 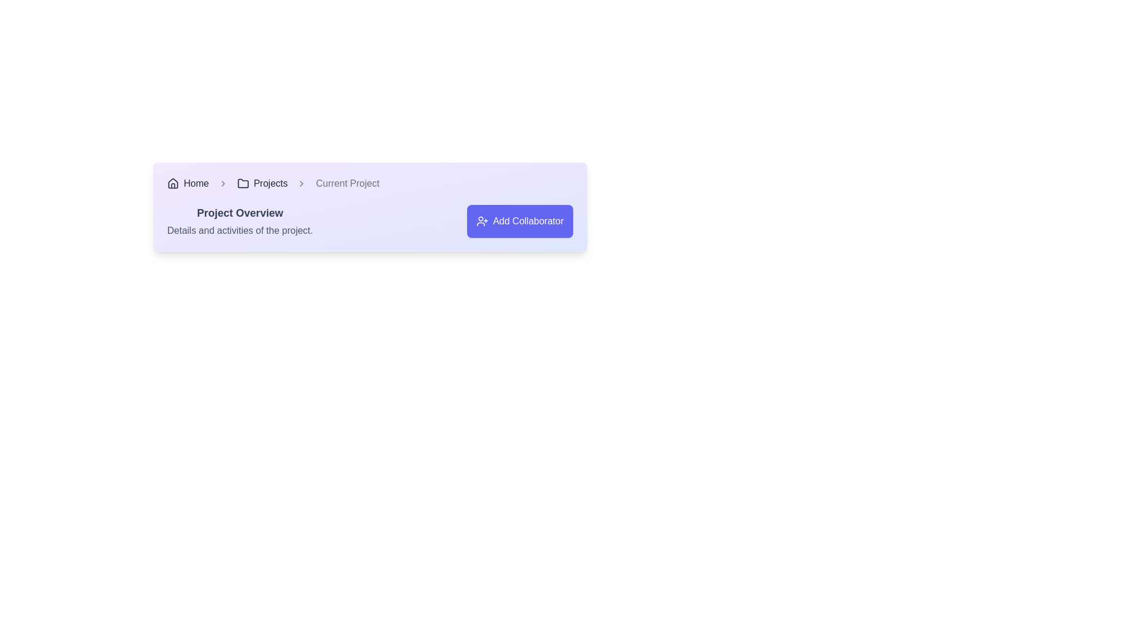 I want to click on the textual heading and subtitle pair that contains the title 'Project Overview' and the subtitle 'Details and activities of the project', which is styled with a larger, bold font and a smaller, lighter font, located towards the top-left corner of the layout, so click(x=239, y=221).